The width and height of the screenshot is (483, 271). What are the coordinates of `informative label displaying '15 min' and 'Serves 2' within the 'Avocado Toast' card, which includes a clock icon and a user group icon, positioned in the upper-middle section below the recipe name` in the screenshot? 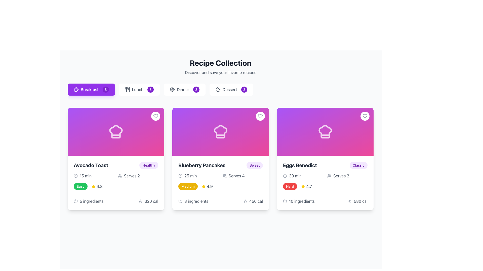 It's located at (115, 176).